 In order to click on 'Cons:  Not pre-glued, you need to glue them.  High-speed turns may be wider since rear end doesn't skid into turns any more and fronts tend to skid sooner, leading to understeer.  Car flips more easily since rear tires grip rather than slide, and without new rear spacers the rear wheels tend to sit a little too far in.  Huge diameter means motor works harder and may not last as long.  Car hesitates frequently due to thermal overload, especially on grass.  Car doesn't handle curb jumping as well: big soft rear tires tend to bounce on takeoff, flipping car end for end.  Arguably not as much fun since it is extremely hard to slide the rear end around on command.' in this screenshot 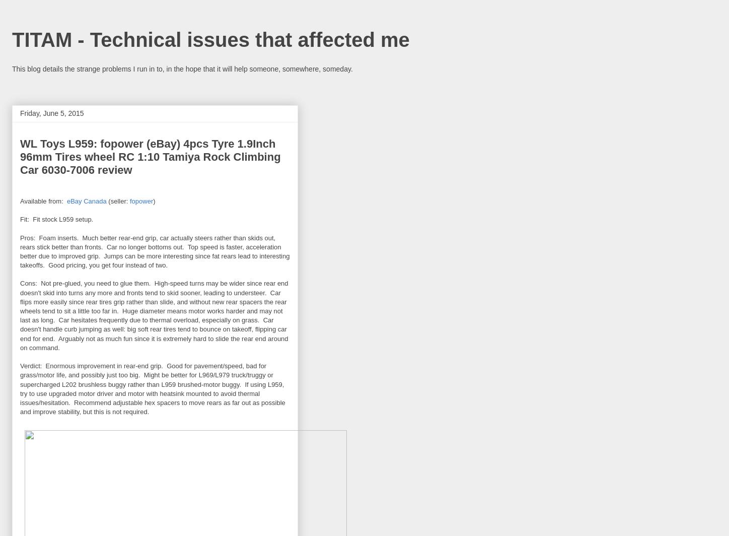, I will do `click(153, 315)`.